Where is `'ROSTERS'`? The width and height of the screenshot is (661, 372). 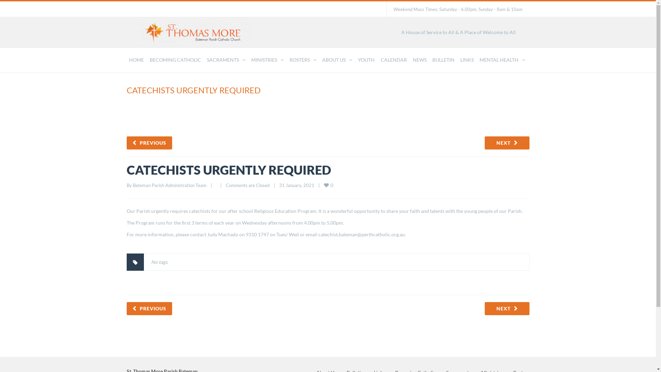
'ROSTERS' is located at coordinates (303, 59).